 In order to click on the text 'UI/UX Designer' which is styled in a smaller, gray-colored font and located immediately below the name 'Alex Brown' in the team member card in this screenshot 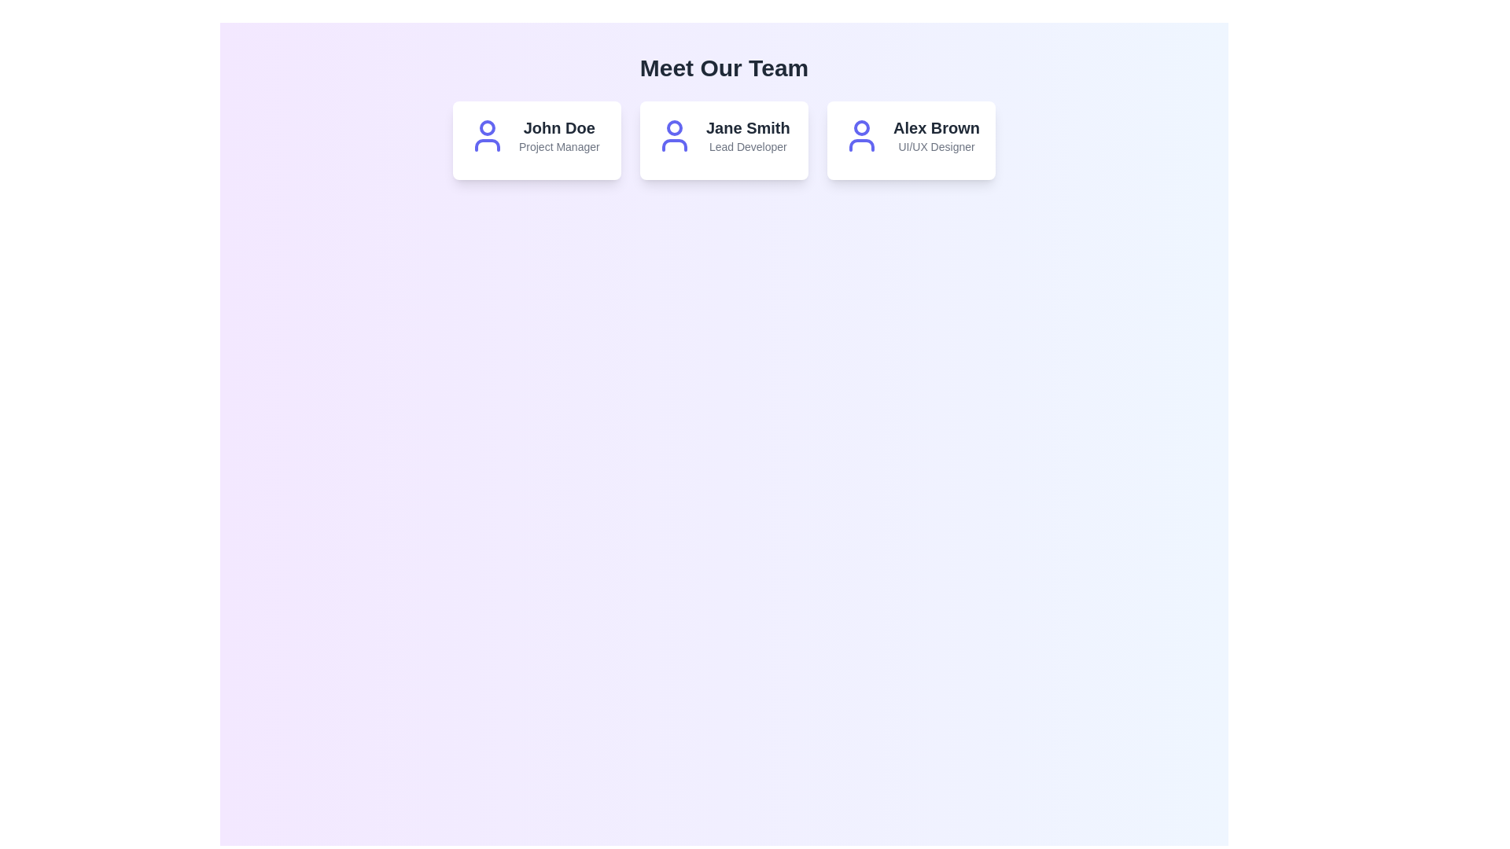, I will do `click(936, 146)`.